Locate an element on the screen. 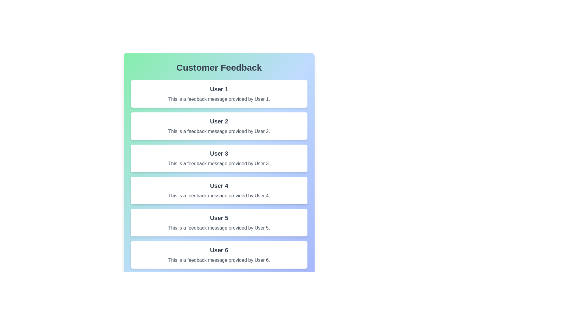 Image resolution: width=572 pixels, height=322 pixels. the informational card displaying feedback from 'User 3', which is the third card in the vertical list of feedback cards under the 'Customer Feedback' section is located at coordinates (219, 158).